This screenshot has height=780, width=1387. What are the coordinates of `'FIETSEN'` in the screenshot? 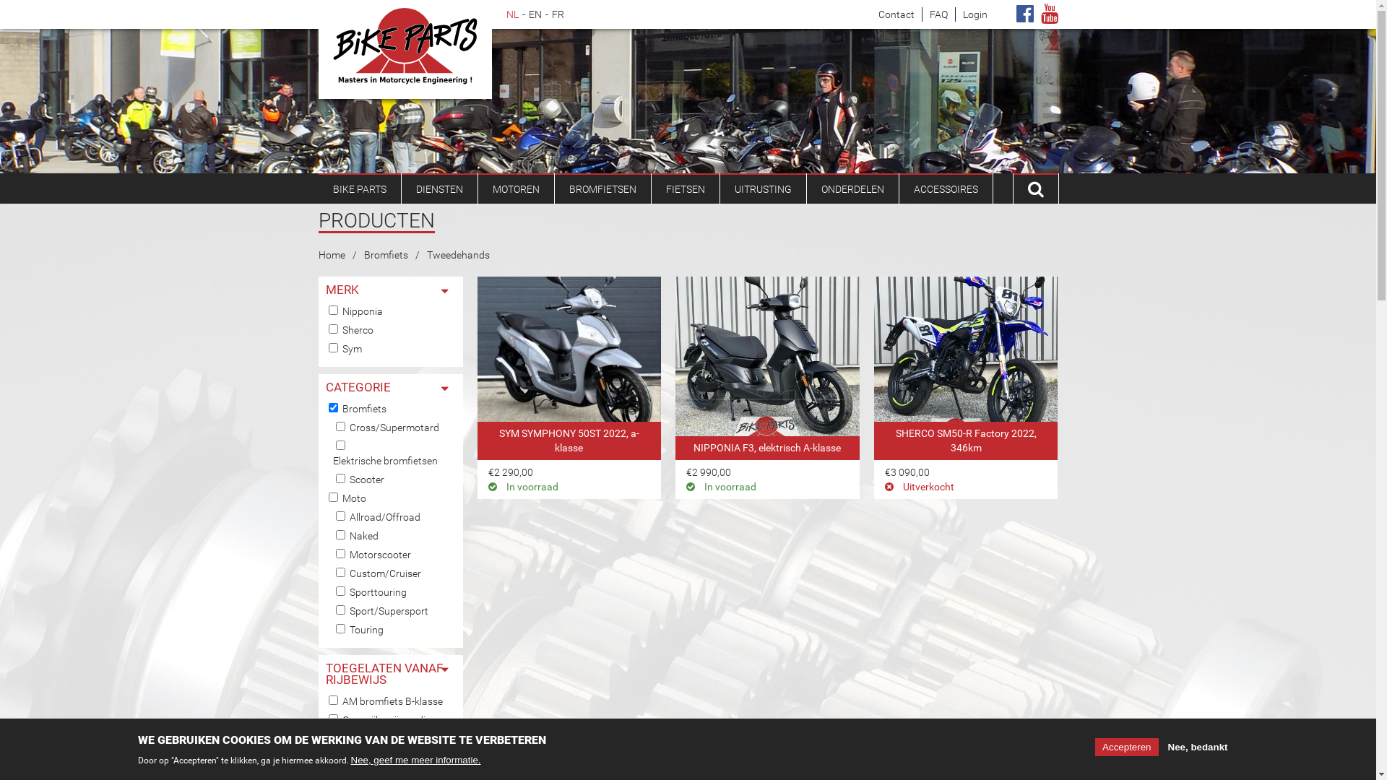 It's located at (685, 188).